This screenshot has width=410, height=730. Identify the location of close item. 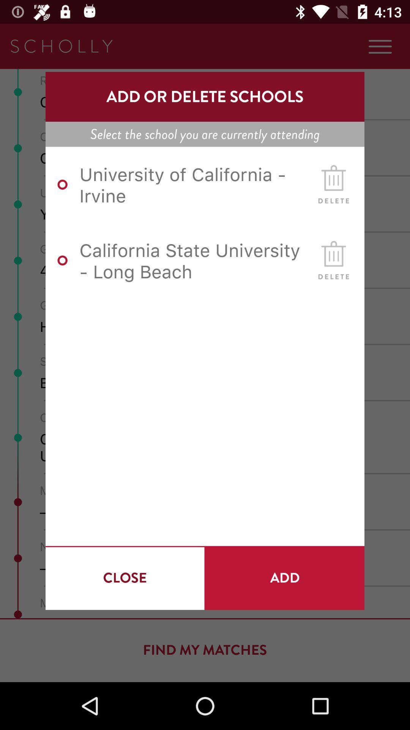
(125, 578).